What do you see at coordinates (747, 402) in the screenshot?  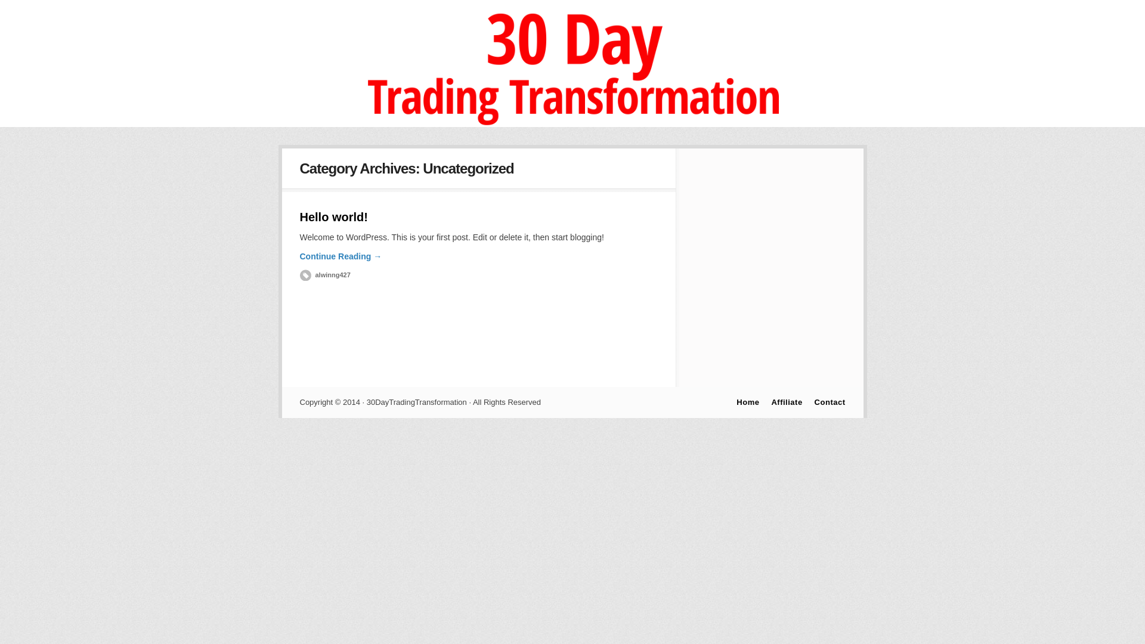 I see `'Home'` at bounding box center [747, 402].